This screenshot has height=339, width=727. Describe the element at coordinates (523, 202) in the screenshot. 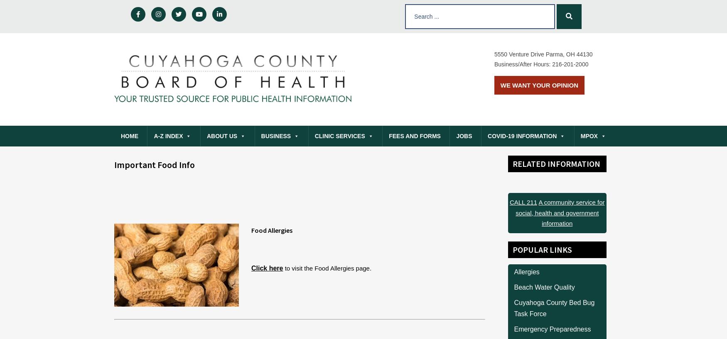

I see `'CALL 211'` at that location.